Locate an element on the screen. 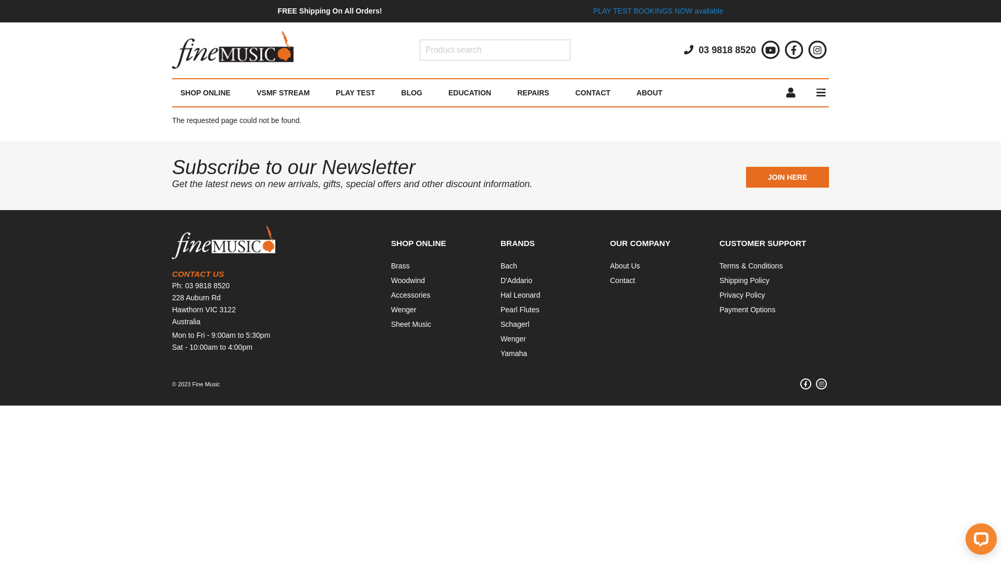 Image resolution: width=1001 pixels, height=563 pixels. 'JOIN HERE' is located at coordinates (787, 176).